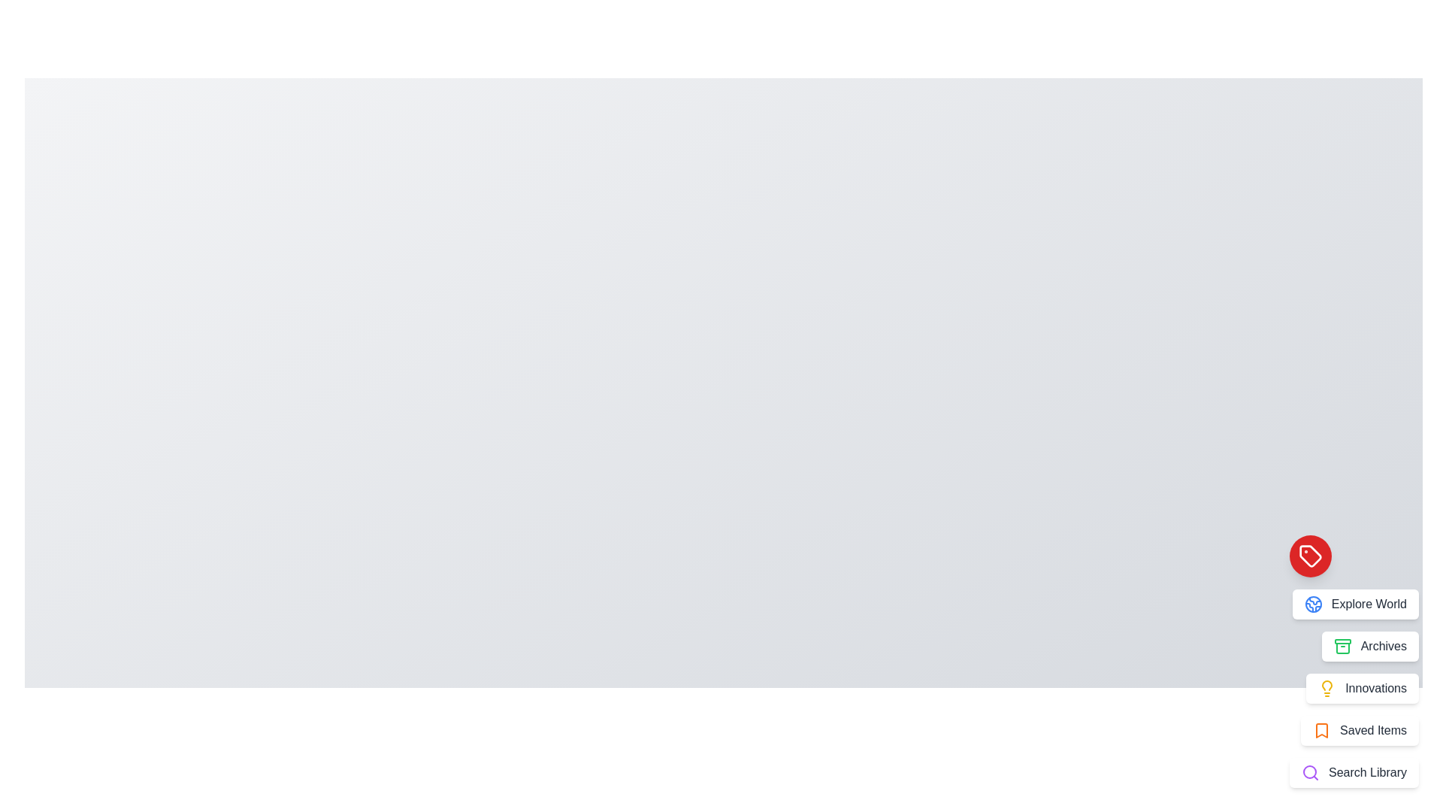 This screenshot has width=1443, height=812. I want to click on the menu item labeled 'Search Library' to observe its hover effect, so click(1354, 773).